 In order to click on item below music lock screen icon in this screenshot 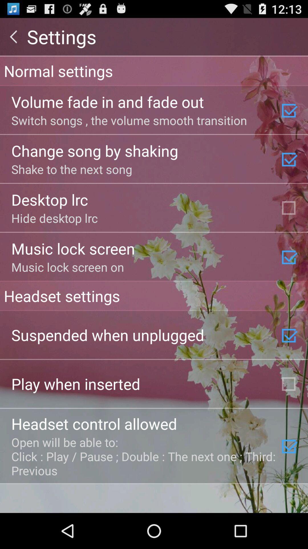, I will do `click(154, 296)`.